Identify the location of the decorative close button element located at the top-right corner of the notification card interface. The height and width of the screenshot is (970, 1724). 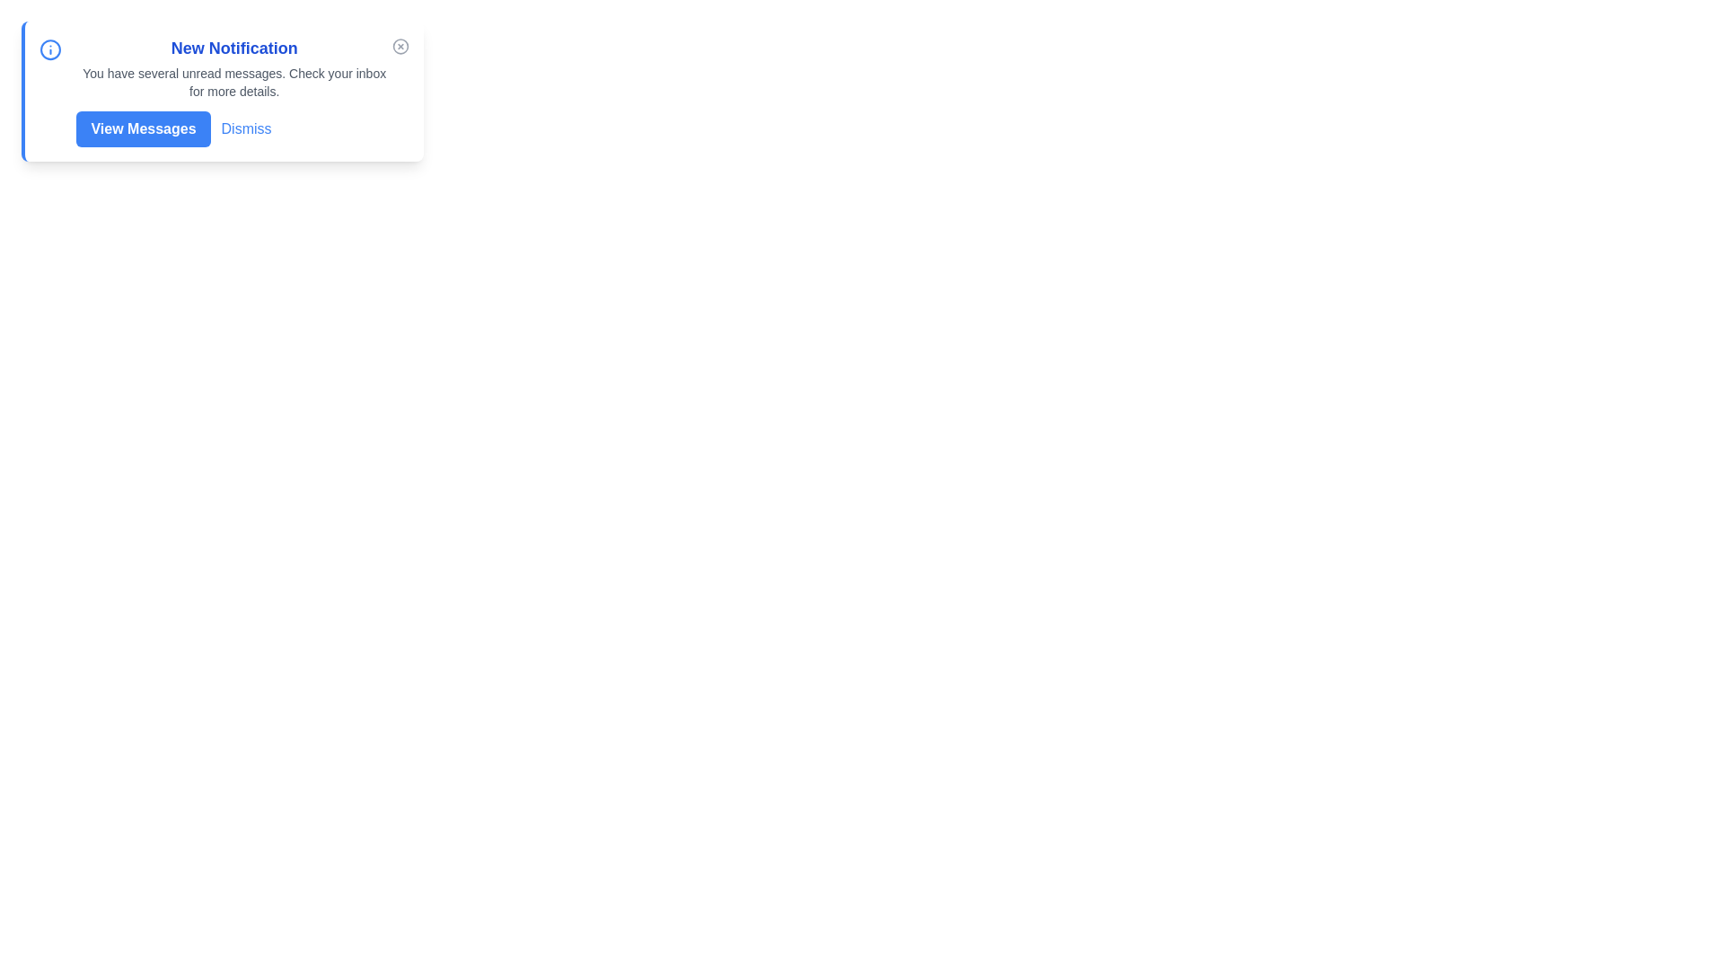
(400, 45).